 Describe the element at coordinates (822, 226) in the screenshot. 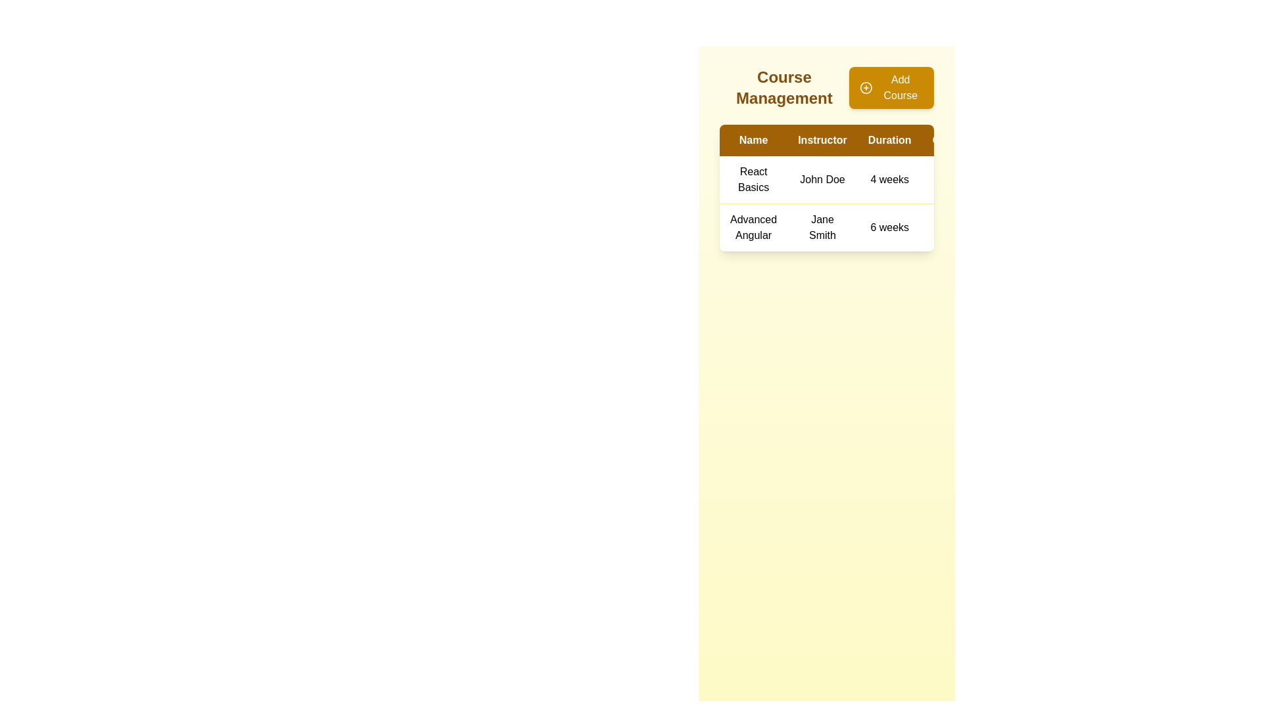

I see `the text label displaying 'Jane Smith' which is the second text item under the 'Instructor' column for the course 'Advanced Angular'` at that location.